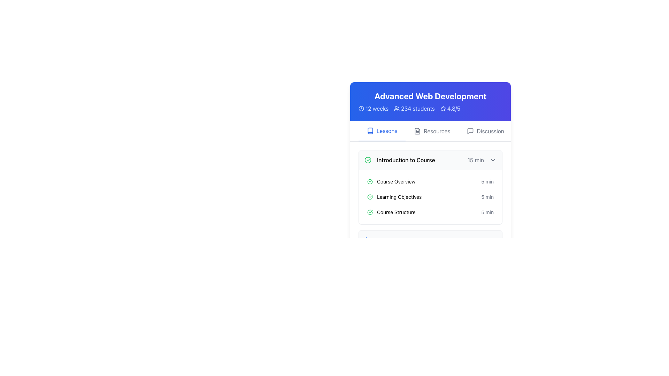 This screenshot has width=669, height=376. Describe the element at coordinates (400, 160) in the screenshot. I see `the 'Introduction to Course' text label with the green circle check icon, which indicates completion, located under the 'Lessons' tab` at that location.